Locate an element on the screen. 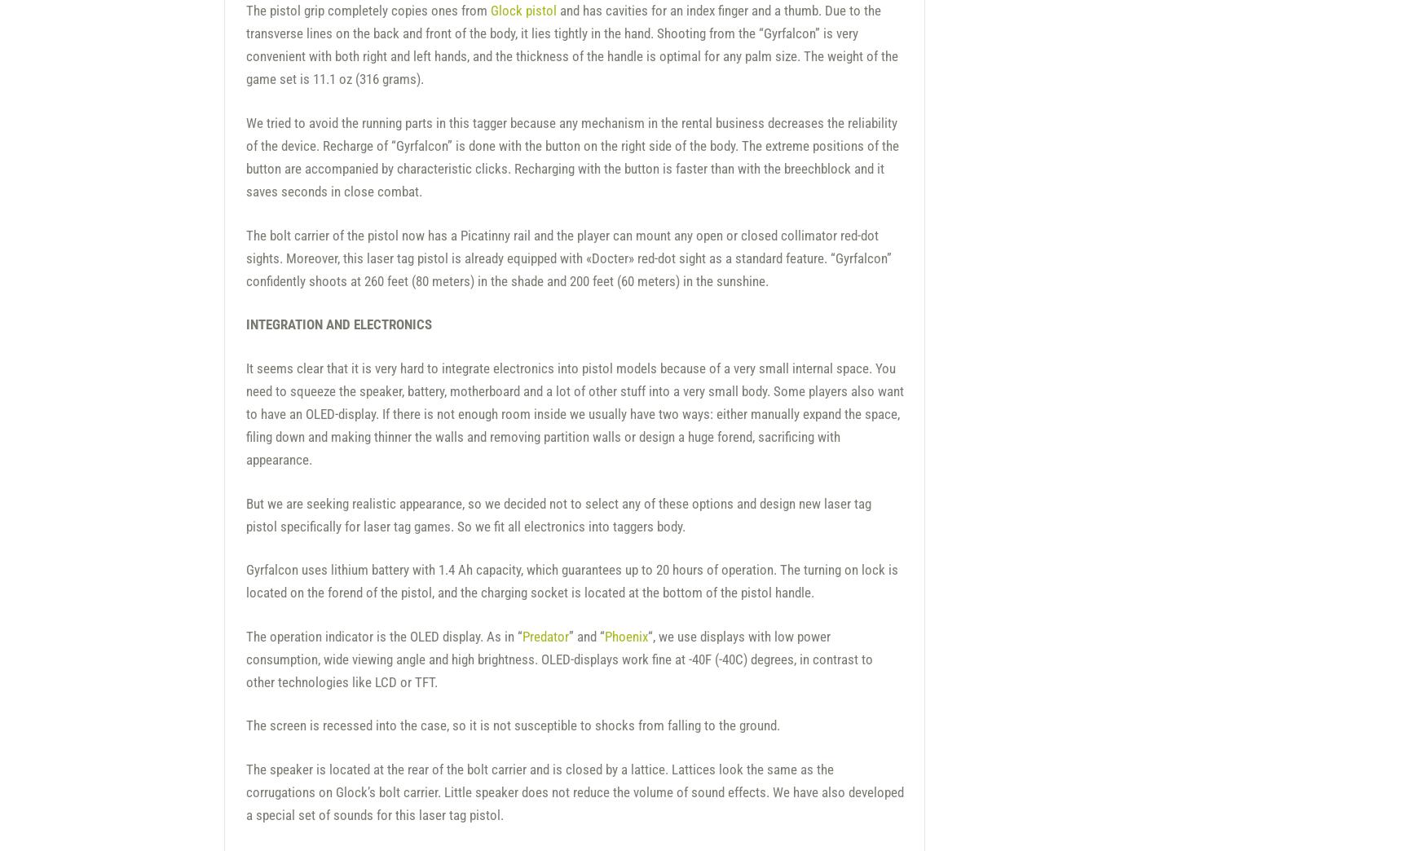  'Predator' is located at coordinates (544, 635).